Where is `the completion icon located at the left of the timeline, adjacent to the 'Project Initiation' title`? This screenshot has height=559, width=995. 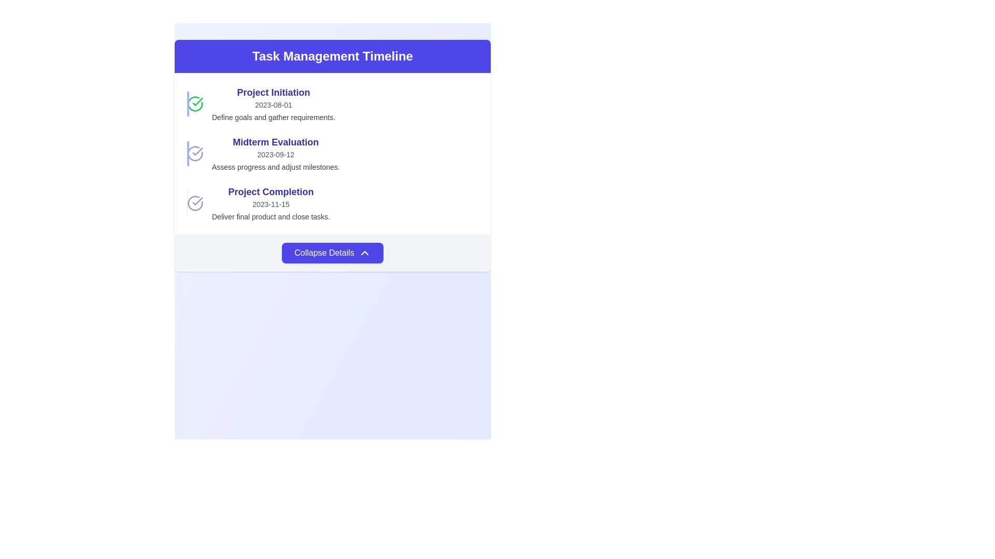 the completion icon located at the left of the timeline, adjacent to the 'Project Initiation' title is located at coordinates (195, 104).